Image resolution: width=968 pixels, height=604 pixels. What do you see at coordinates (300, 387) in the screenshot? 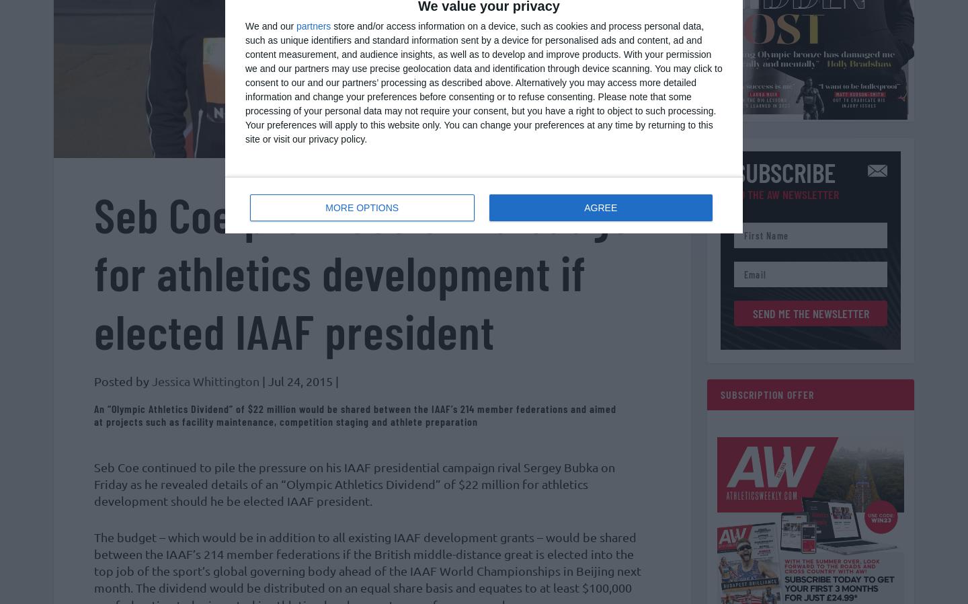
I see `'Jul 24, 2015'` at bounding box center [300, 387].